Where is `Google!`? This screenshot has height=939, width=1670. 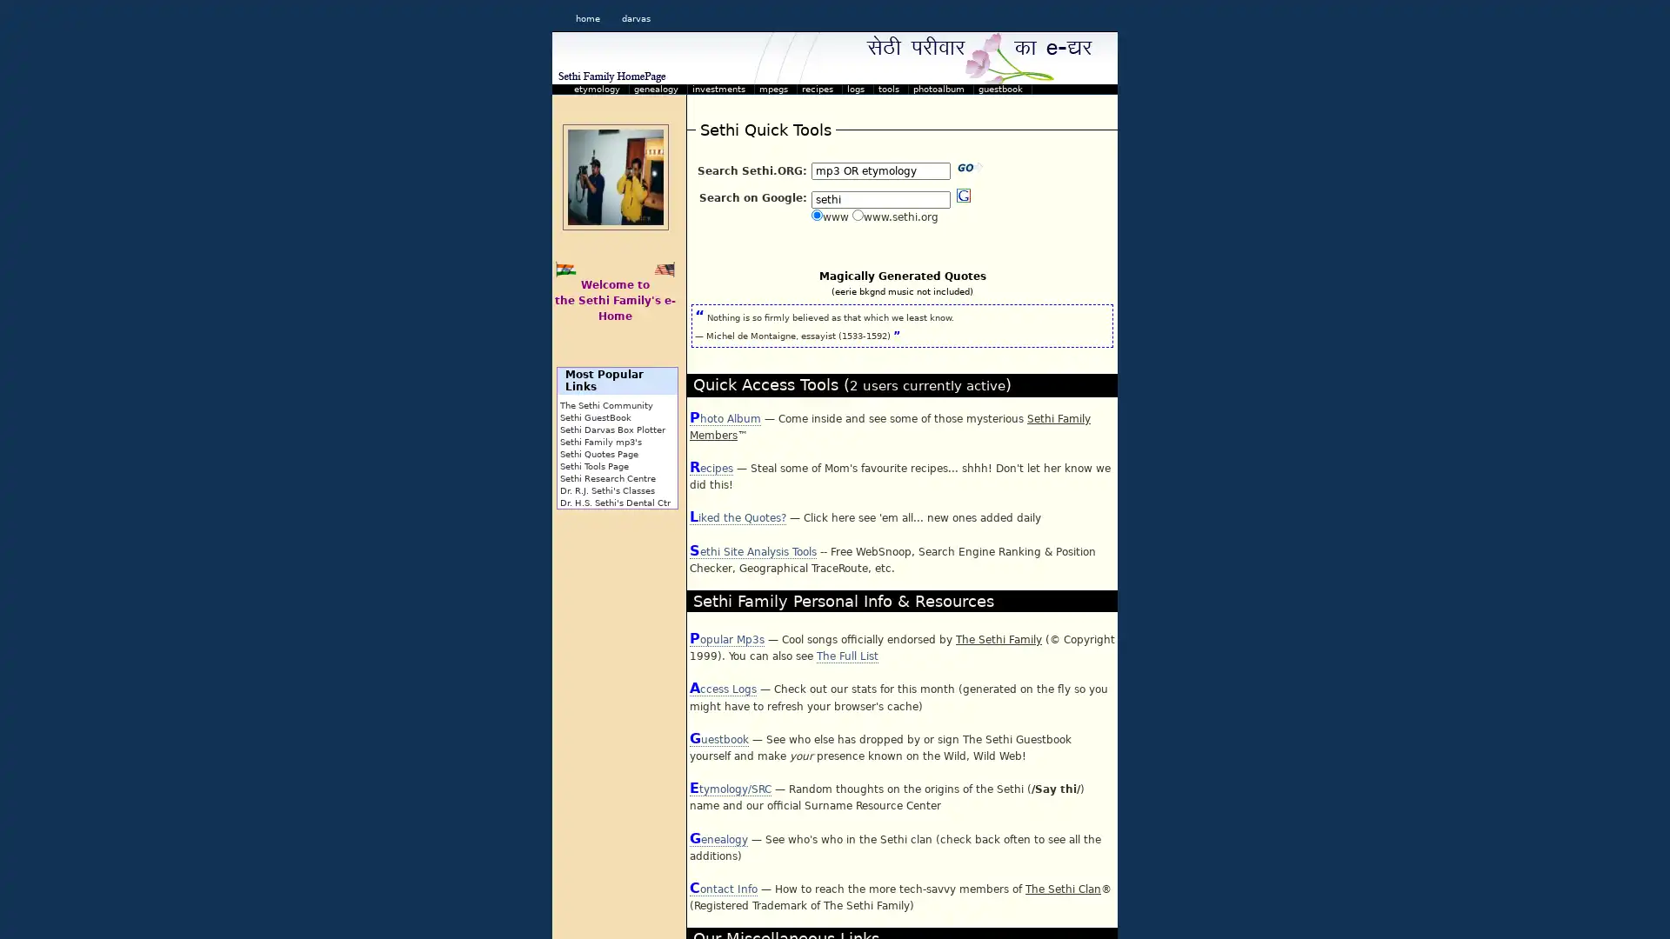
Google! is located at coordinates (963, 195).